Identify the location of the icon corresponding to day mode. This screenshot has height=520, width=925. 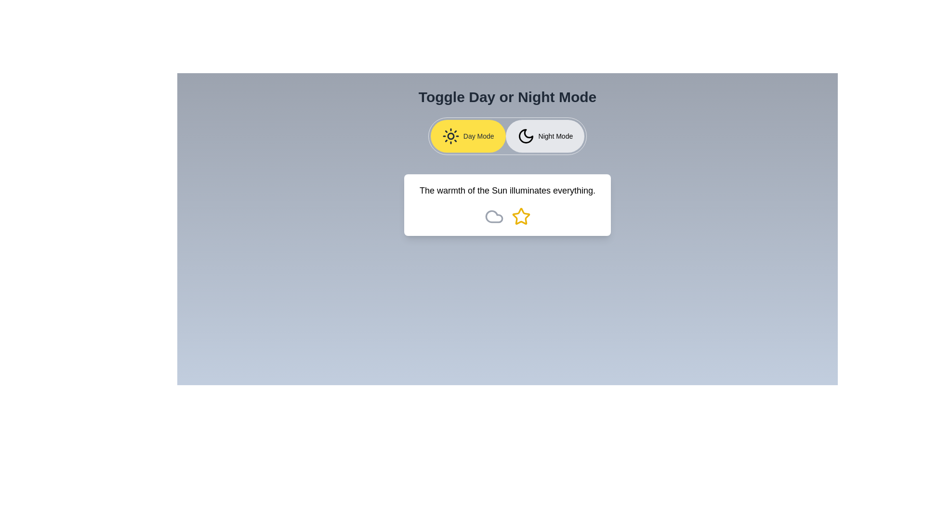
(468, 136).